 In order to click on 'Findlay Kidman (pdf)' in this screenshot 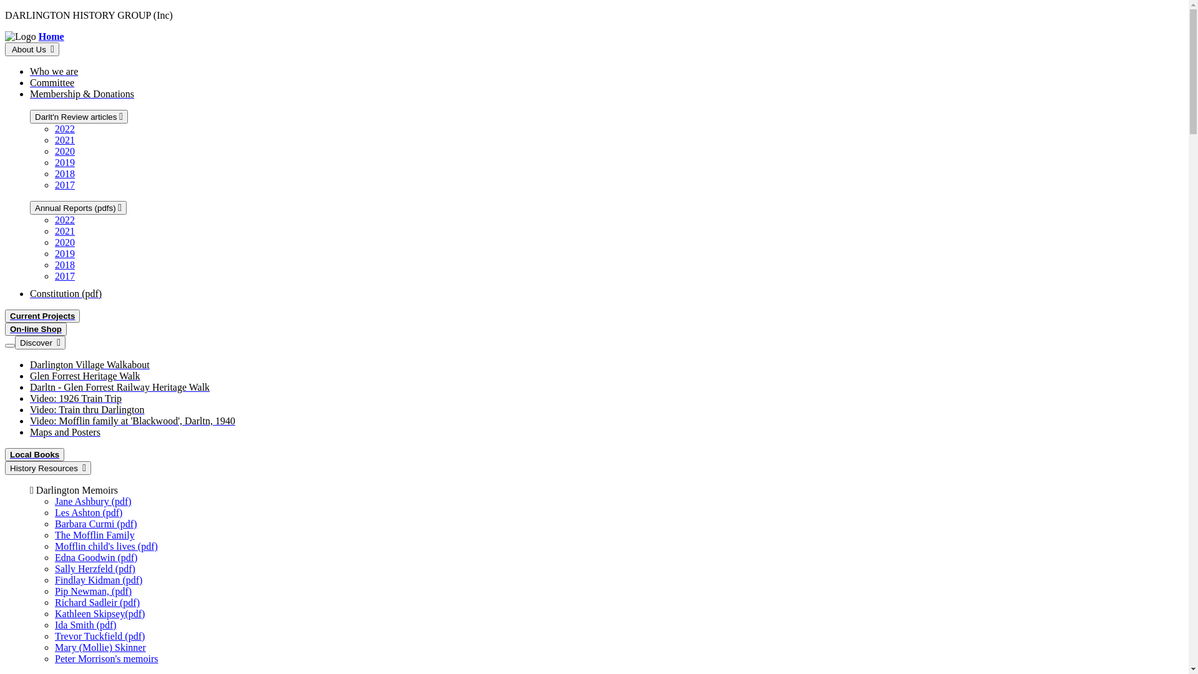, I will do `click(98, 580)`.